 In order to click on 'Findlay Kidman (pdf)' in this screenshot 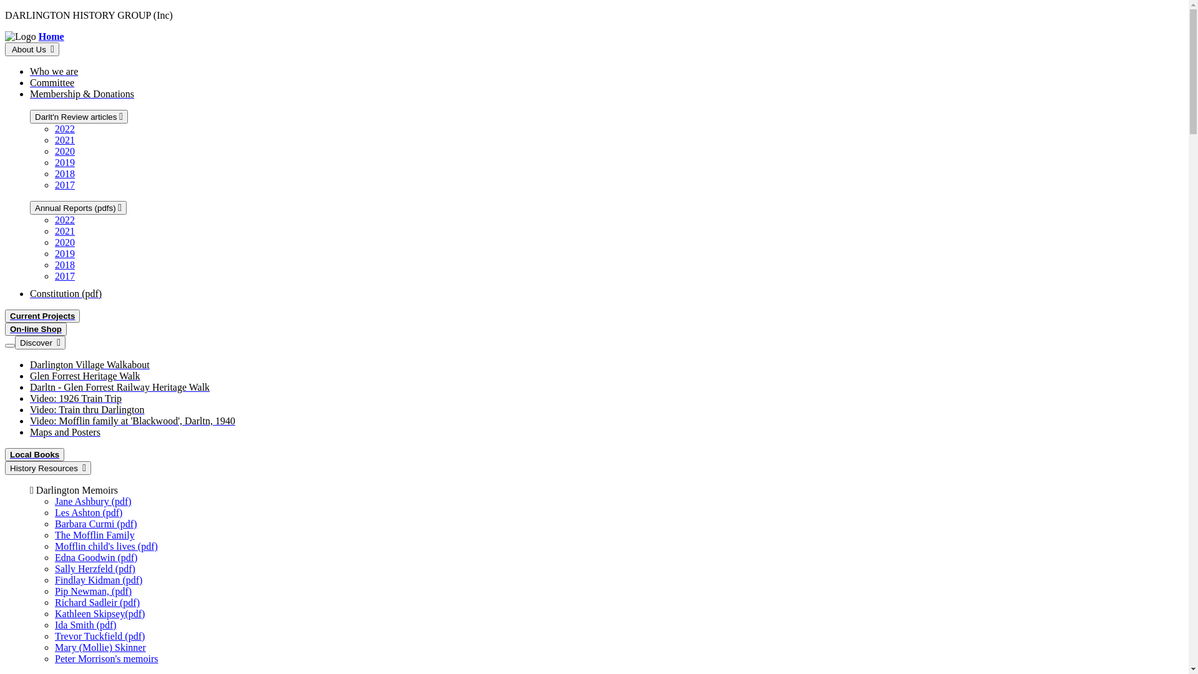, I will do `click(98, 580)`.